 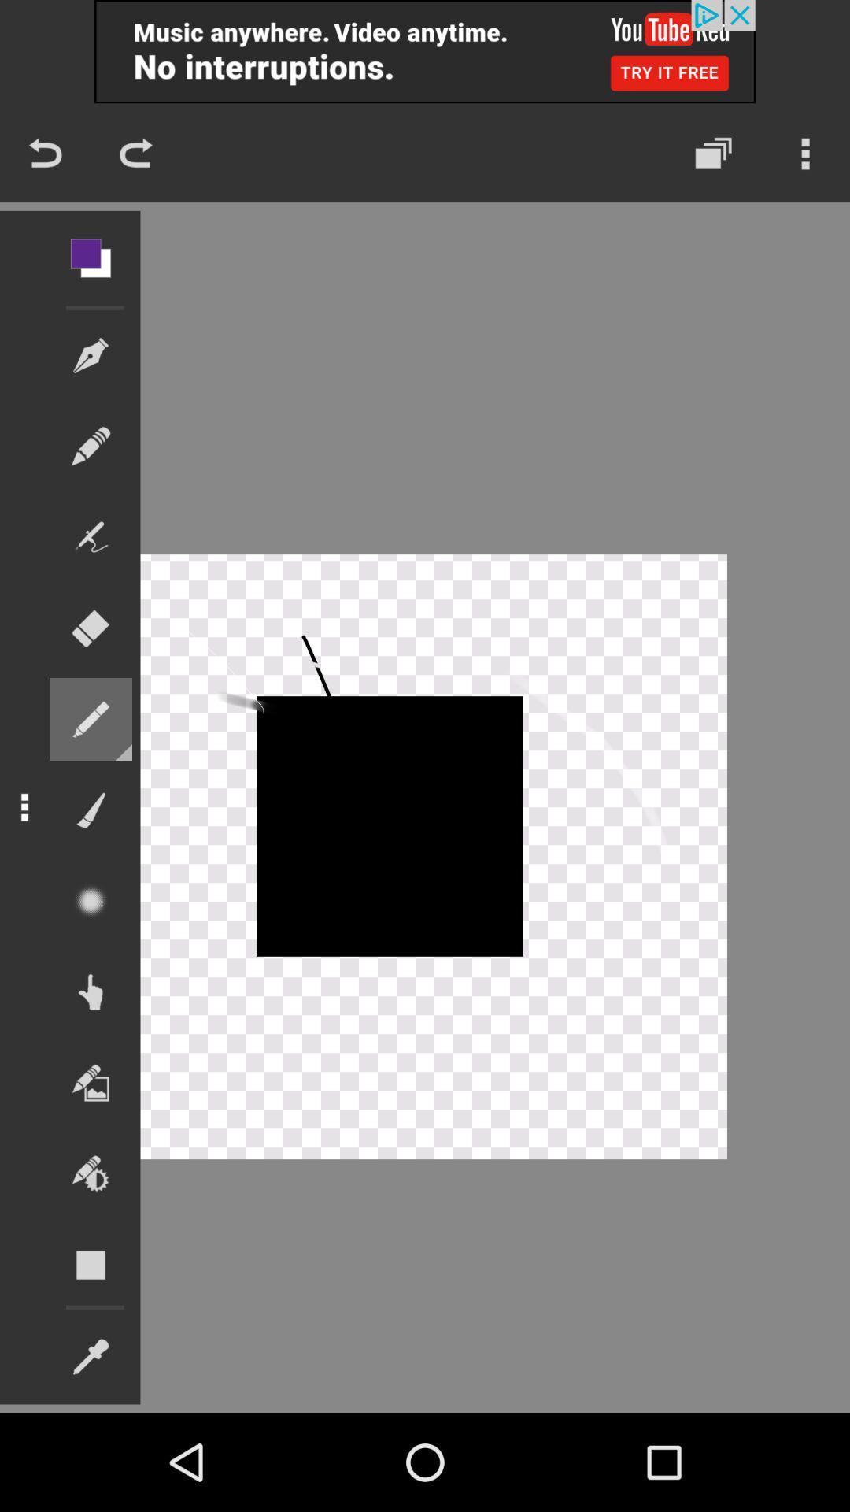 I want to click on the layers icon, so click(x=713, y=153).